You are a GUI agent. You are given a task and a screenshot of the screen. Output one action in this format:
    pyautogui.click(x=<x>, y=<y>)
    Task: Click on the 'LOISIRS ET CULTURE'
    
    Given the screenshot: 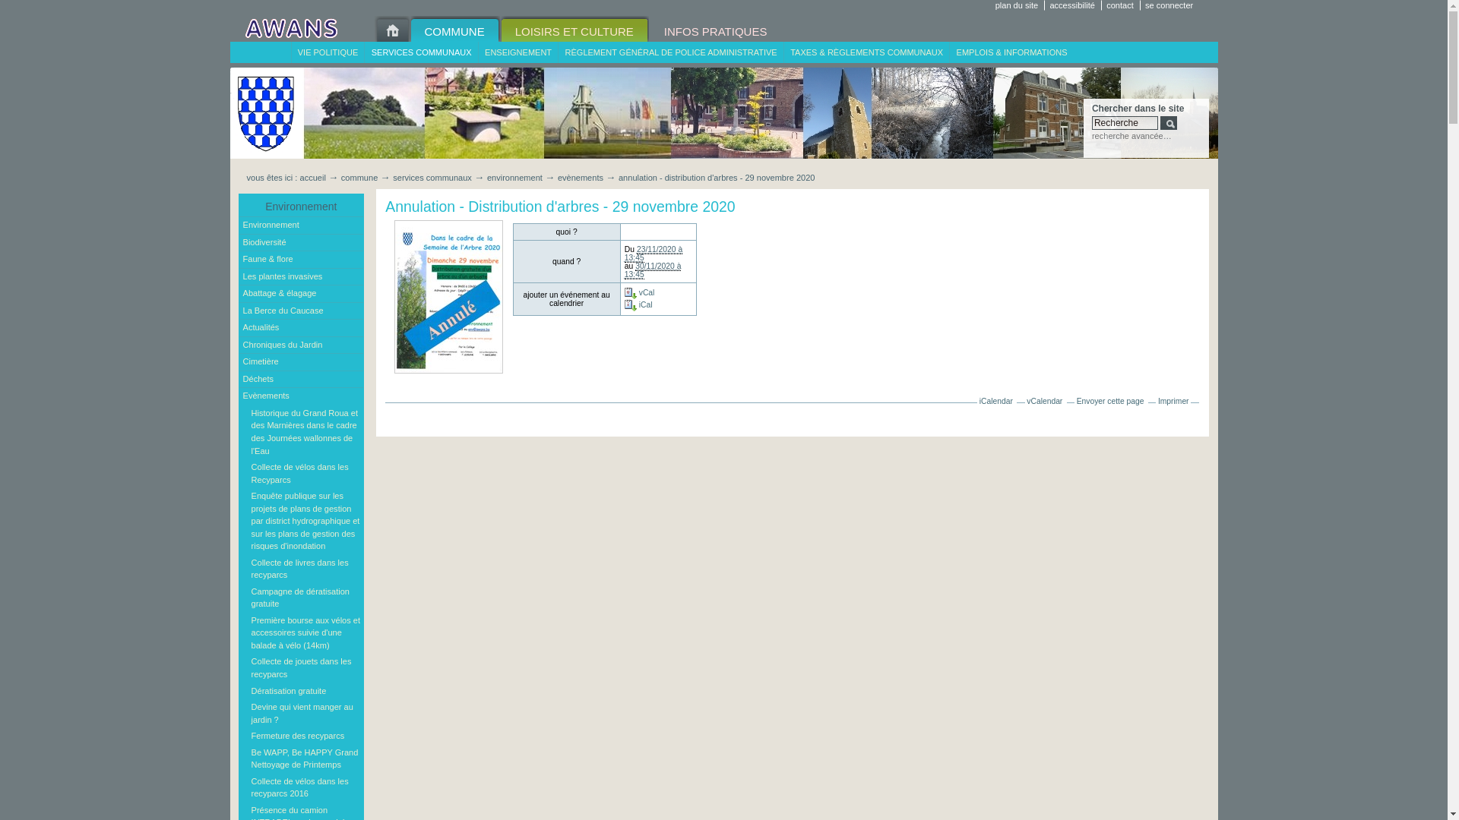 What is the action you would take?
    pyautogui.click(x=499, y=29)
    